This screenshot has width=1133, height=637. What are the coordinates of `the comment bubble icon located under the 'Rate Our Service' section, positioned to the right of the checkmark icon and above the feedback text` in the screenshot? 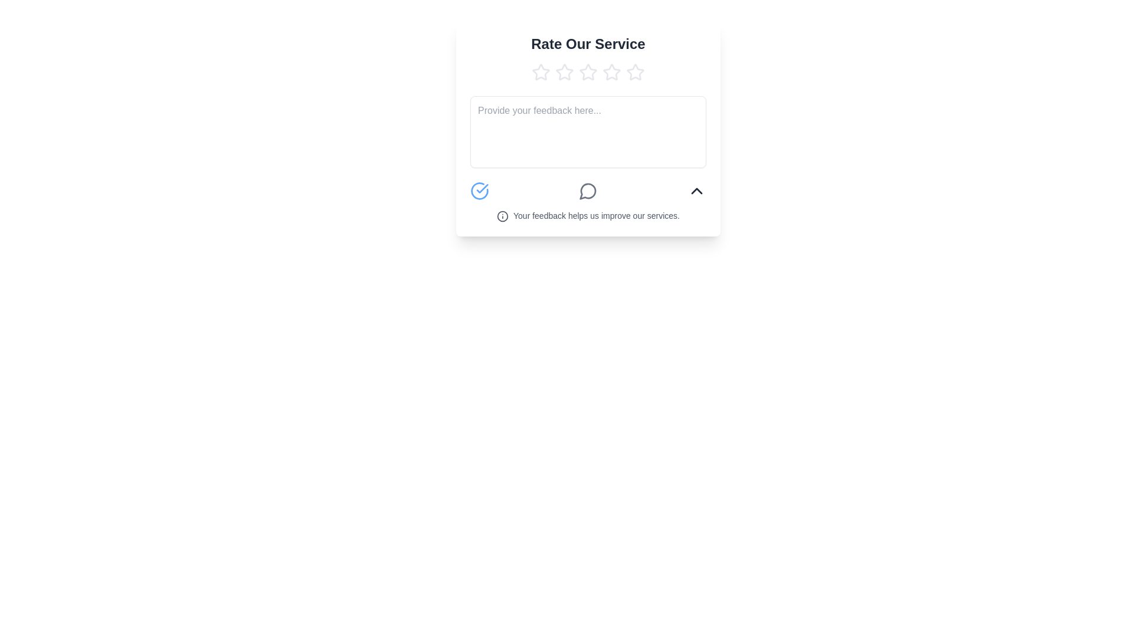 It's located at (588, 191).